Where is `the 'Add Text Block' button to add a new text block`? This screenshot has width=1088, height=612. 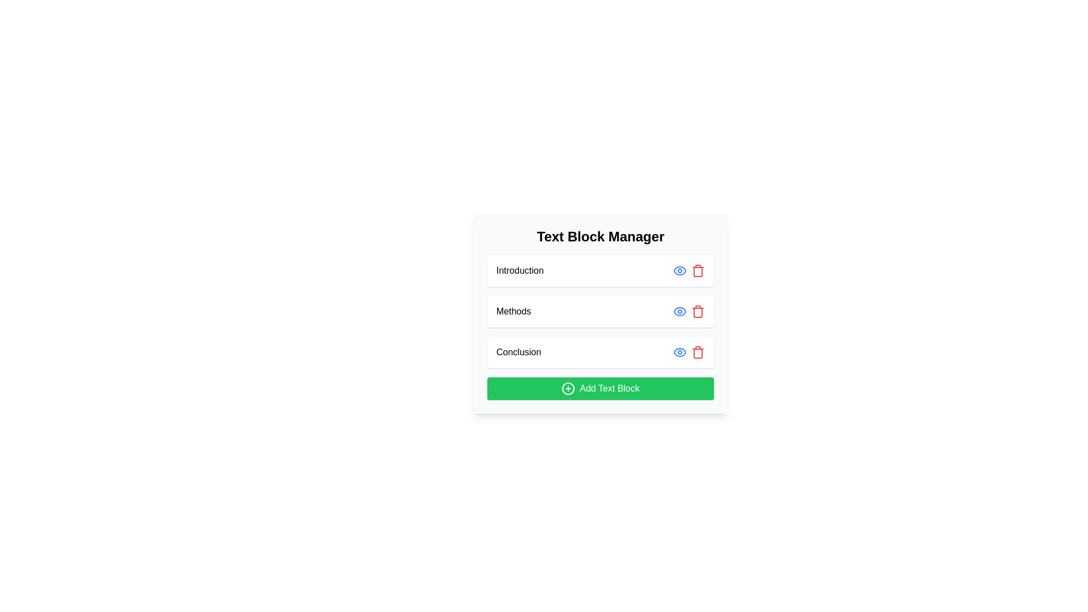 the 'Add Text Block' button to add a new text block is located at coordinates (600, 388).